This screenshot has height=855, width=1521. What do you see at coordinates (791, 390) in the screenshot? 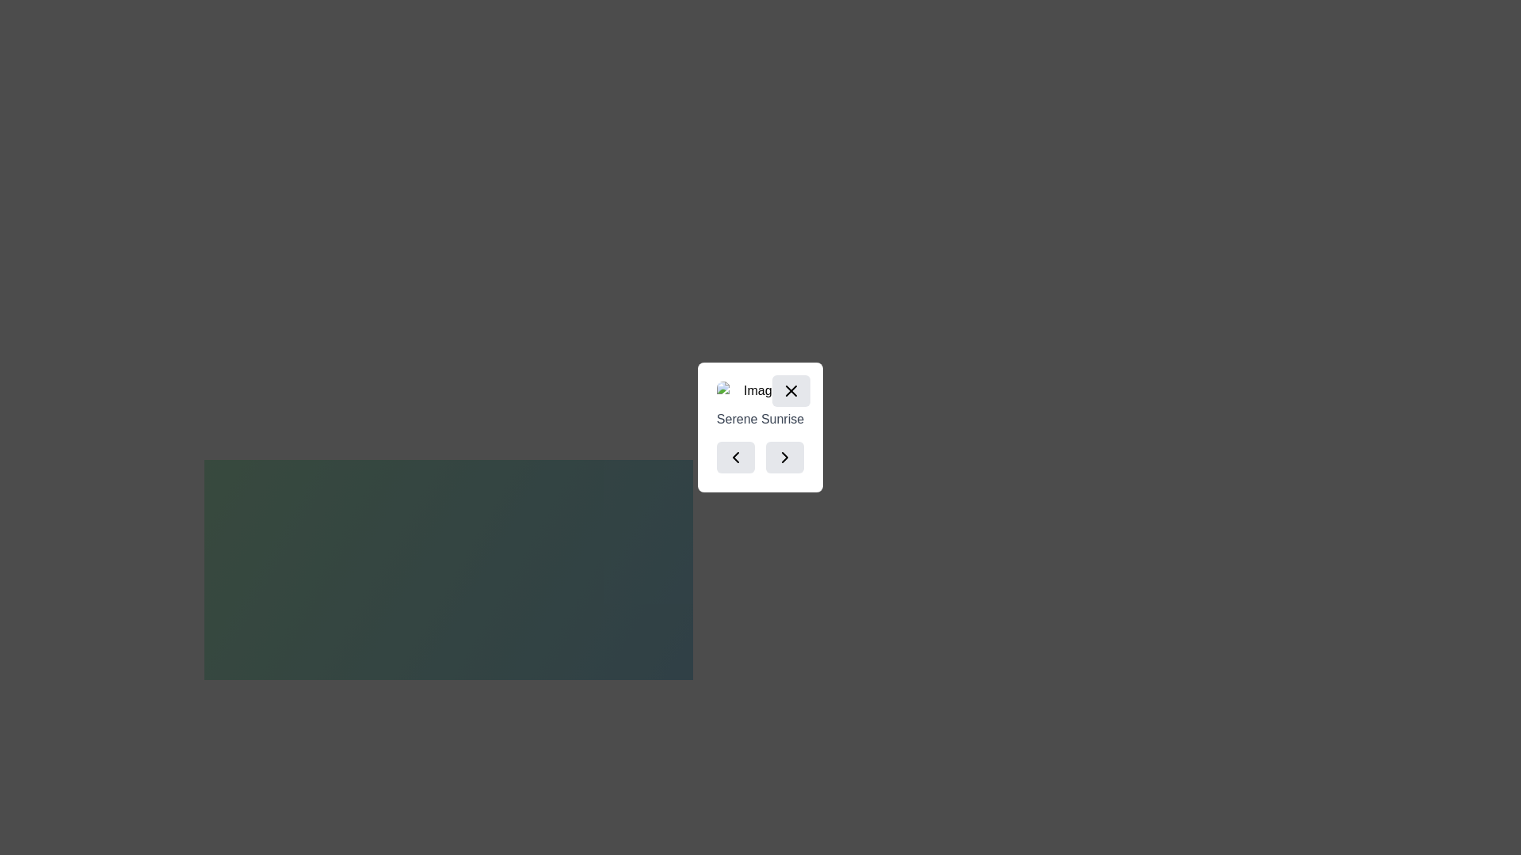
I see `the close button represented by a small square icon with an 'X' symbol located at the top-right corner of the floating card overlay` at bounding box center [791, 390].